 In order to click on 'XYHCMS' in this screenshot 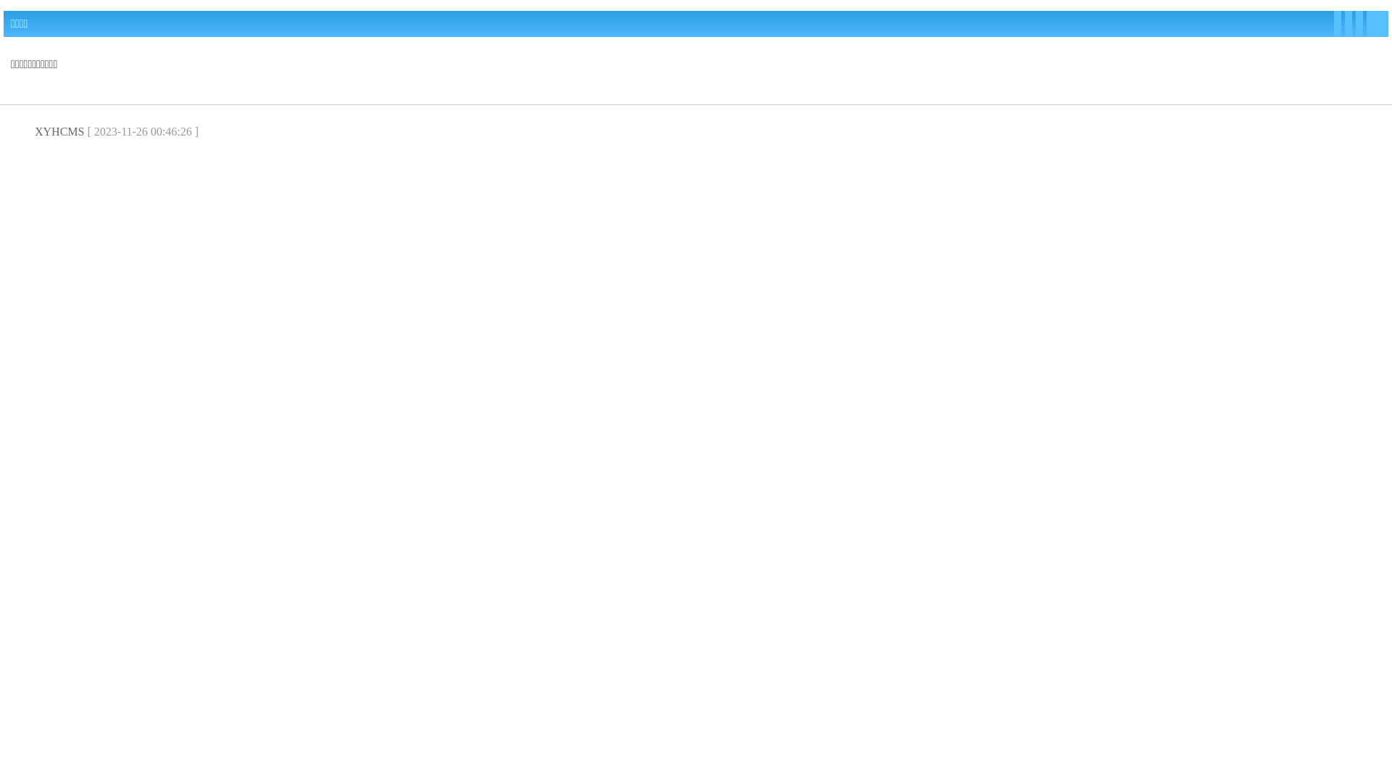, I will do `click(58, 131)`.